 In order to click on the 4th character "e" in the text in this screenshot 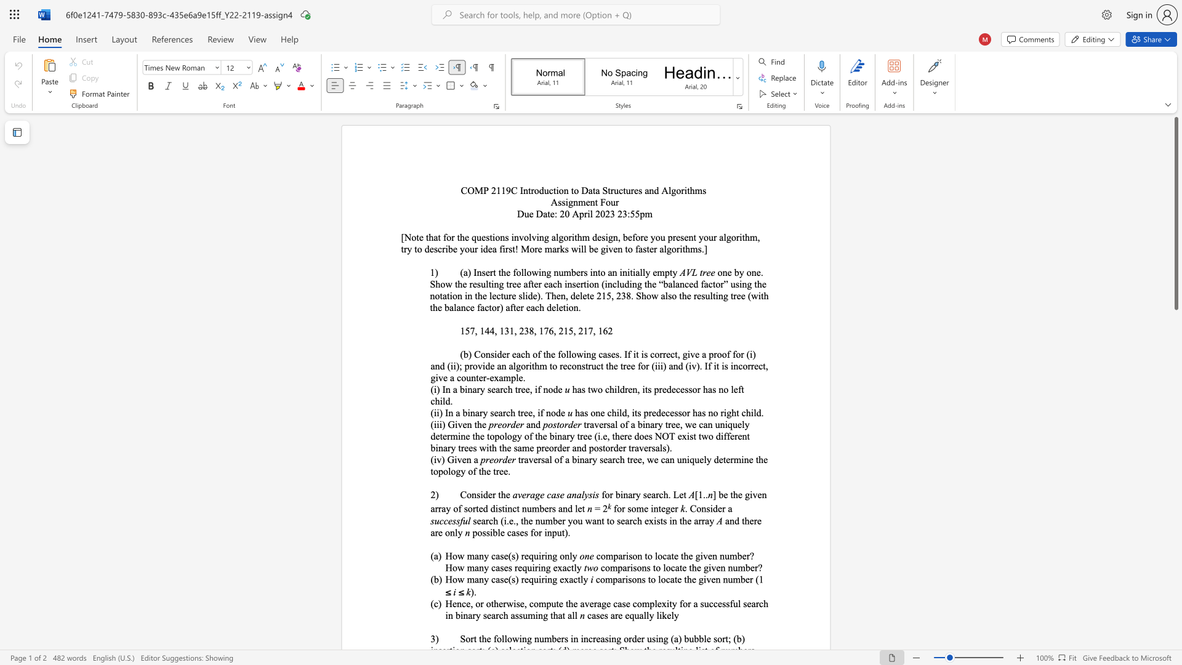, I will do `click(681, 389)`.